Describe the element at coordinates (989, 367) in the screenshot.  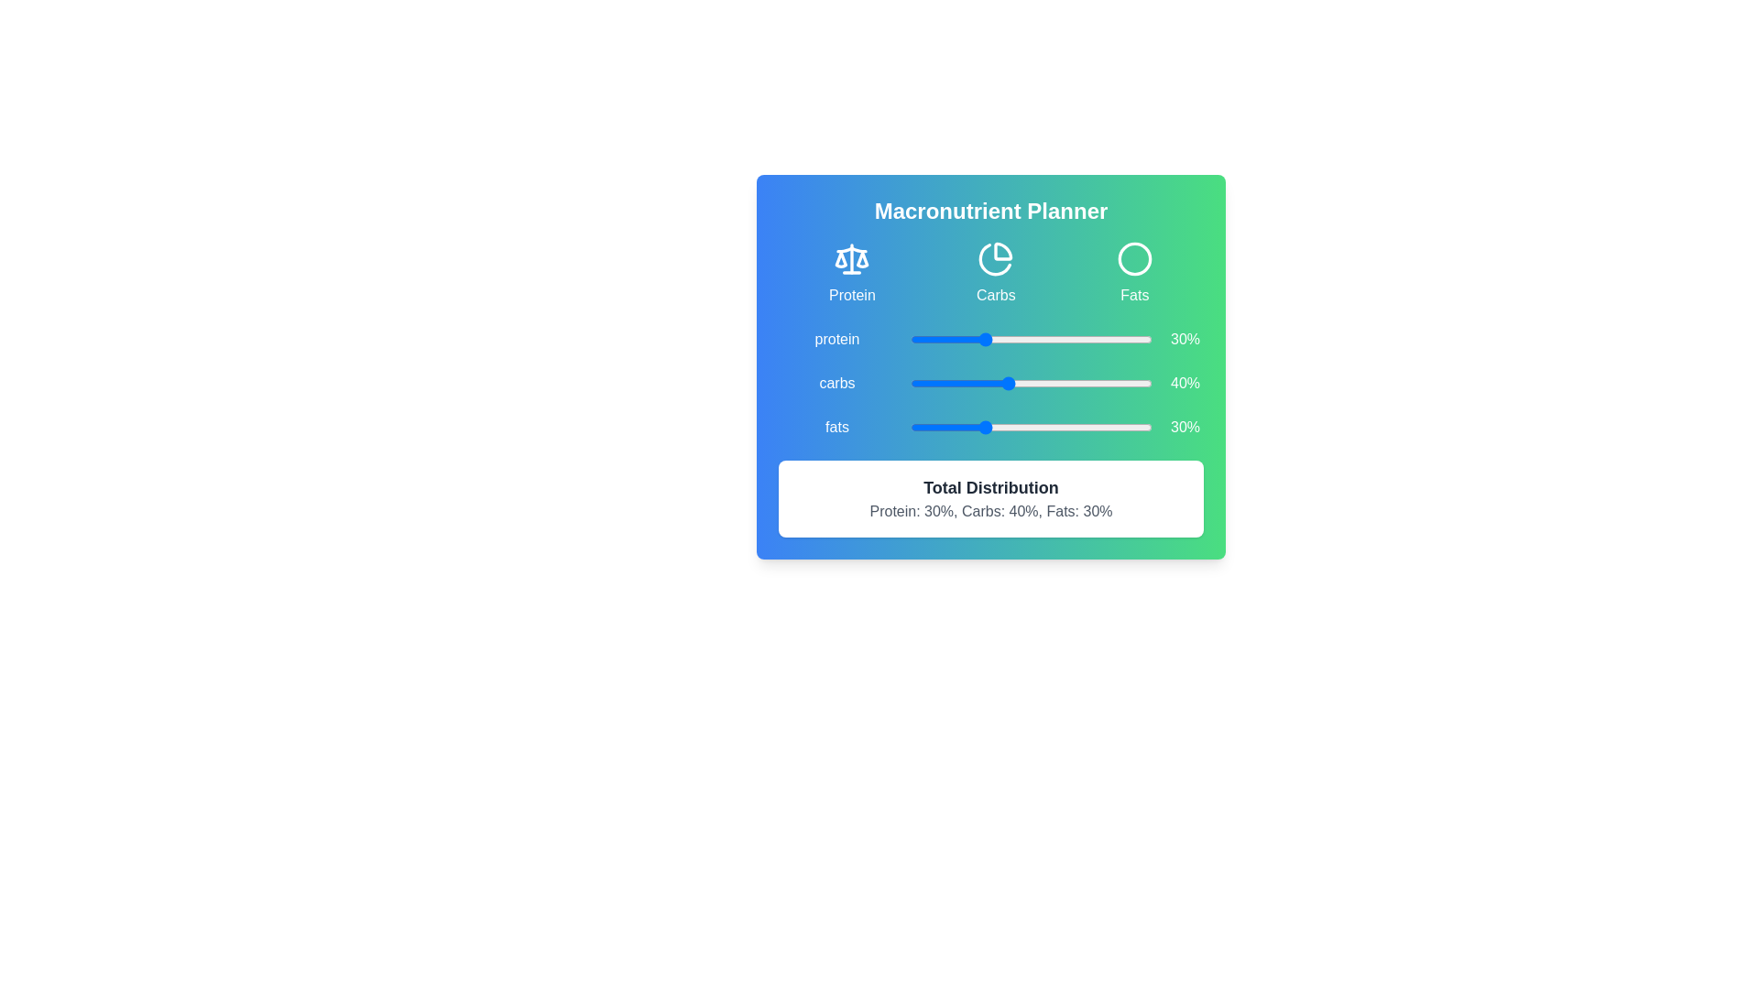
I see `the 'carbs' slider, which is a thin horizontal blue bar located between the label 'carbs' and the percentage value '40%'` at that location.